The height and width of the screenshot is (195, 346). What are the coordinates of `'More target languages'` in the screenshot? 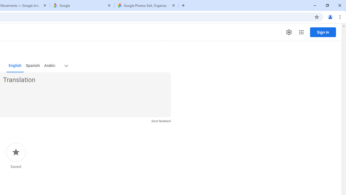 It's located at (66, 66).